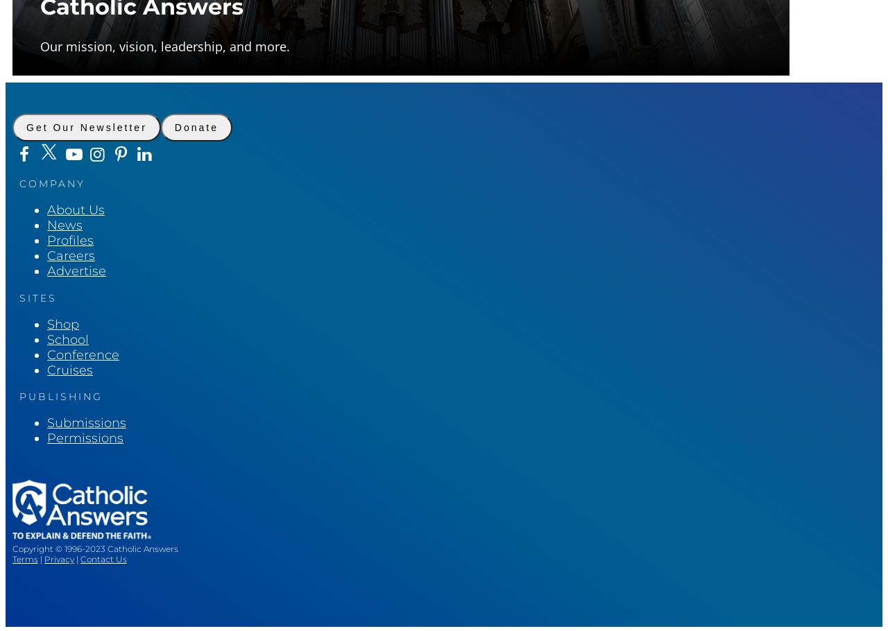  Describe the element at coordinates (52, 182) in the screenshot. I see `'Company'` at that location.